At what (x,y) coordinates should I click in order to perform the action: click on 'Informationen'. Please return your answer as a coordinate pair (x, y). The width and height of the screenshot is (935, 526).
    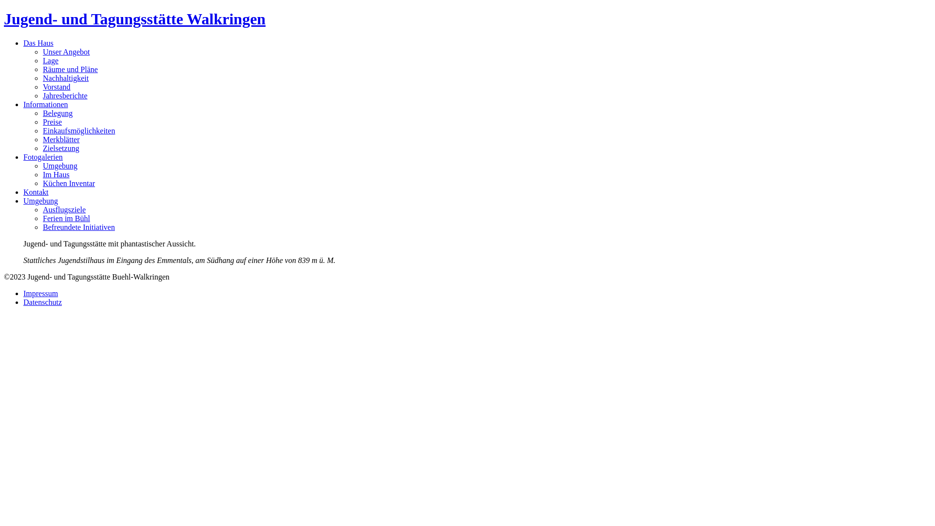
    Looking at the image, I should click on (45, 104).